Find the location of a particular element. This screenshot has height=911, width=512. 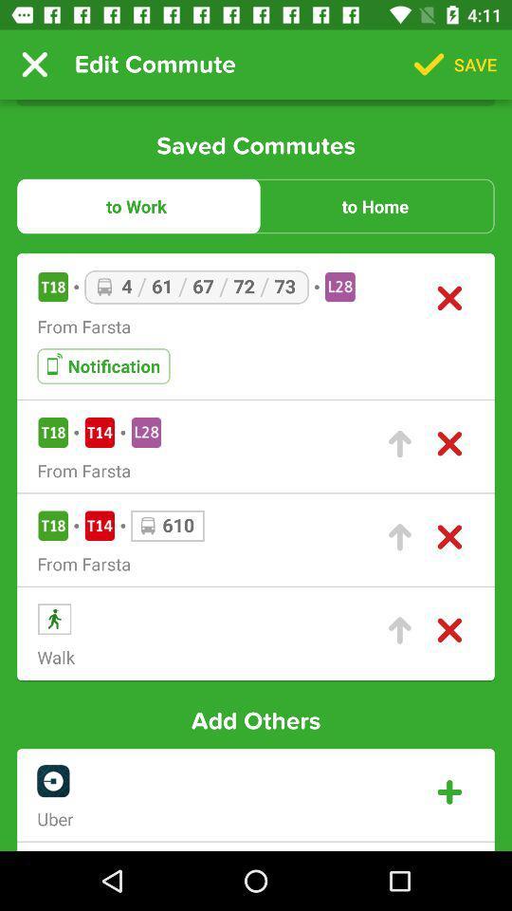

the icon above saved commutes icon is located at coordinates (34, 65).